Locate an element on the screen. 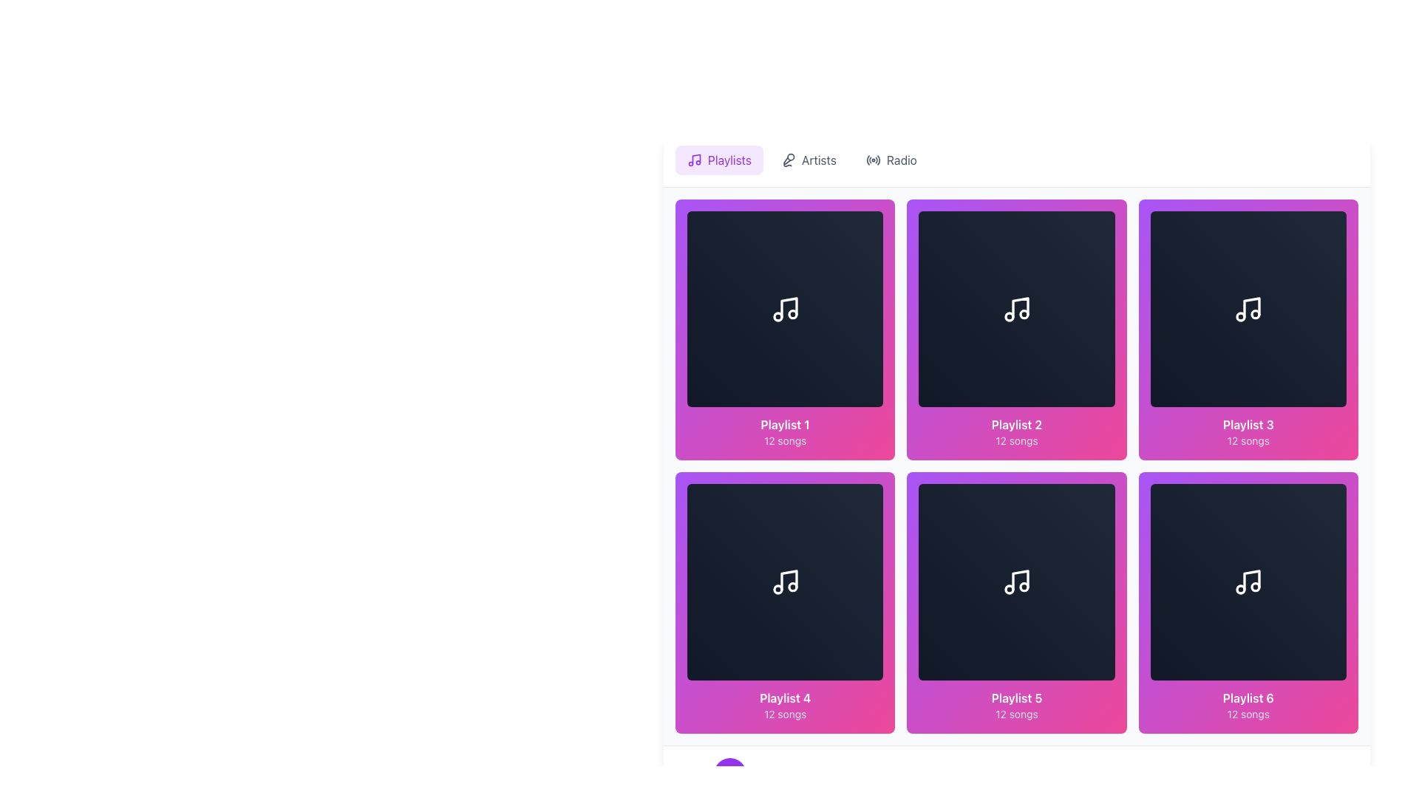  the non-interactive playlist icon located at the center of the fifth playlist card in the grid, which is positioned in the second row and second column from the left is located at coordinates (1016, 581).